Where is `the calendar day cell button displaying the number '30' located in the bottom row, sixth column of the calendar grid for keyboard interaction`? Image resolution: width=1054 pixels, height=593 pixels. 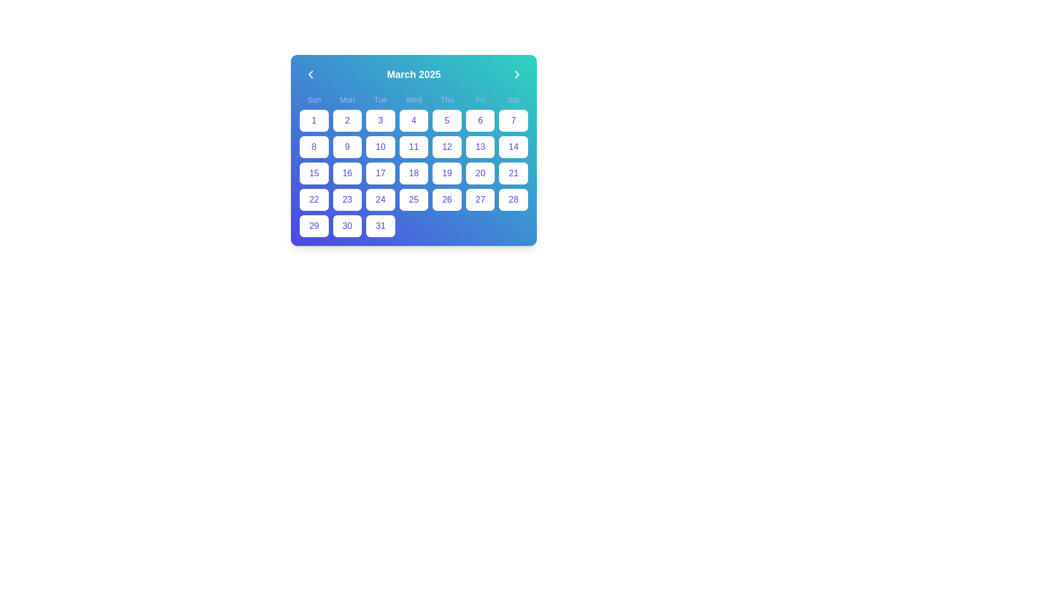
the calendar day cell button displaying the number '30' located in the bottom row, sixth column of the calendar grid for keyboard interaction is located at coordinates (346, 226).